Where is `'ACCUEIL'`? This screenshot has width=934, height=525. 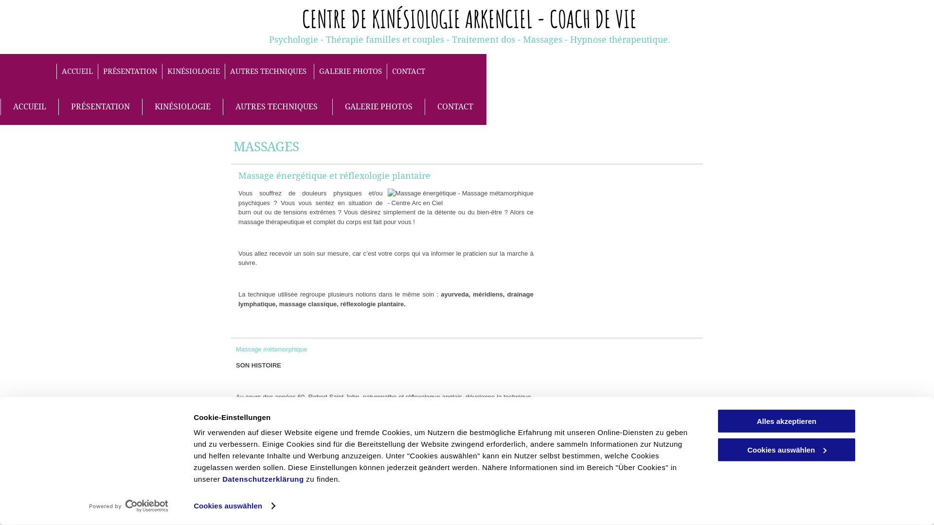
'ACCUEIL' is located at coordinates (55, 71).